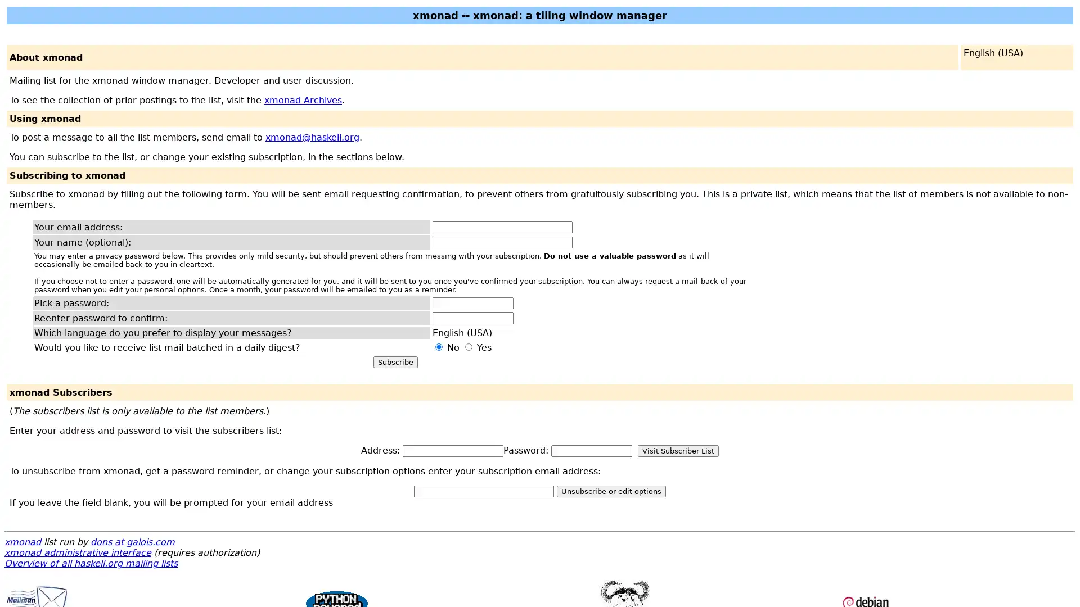 The height and width of the screenshot is (607, 1080). Describe the element at coordinates (395, 362) in the screenshot. I see `Subscribe` at that location.